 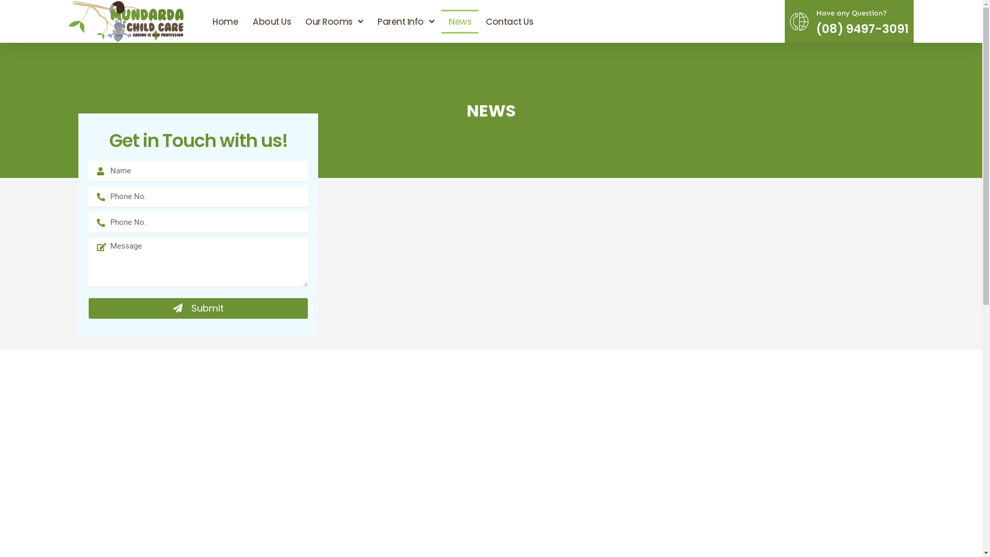 I want to click on 'Submit', so click(x=198, y=307).